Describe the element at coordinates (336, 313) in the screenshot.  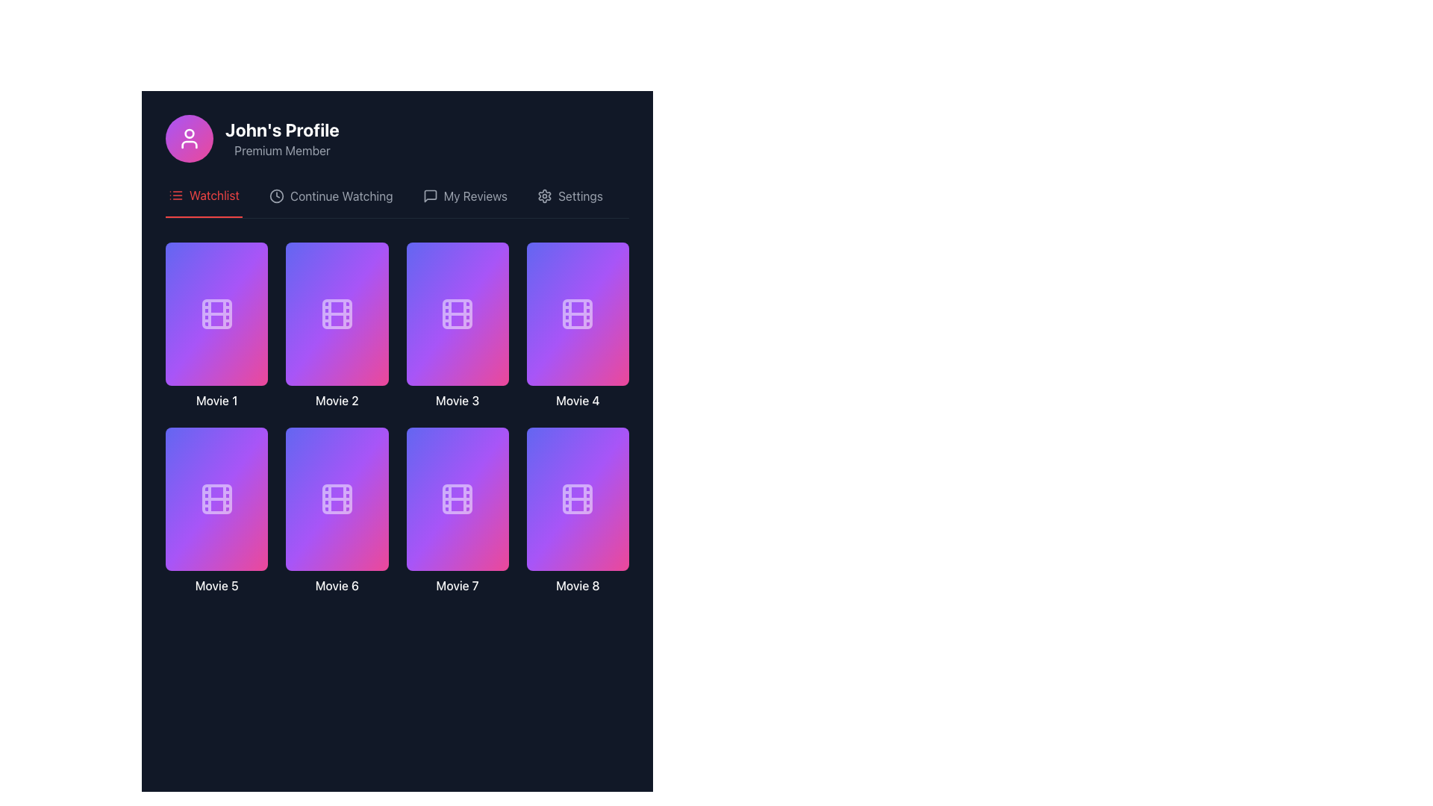
I see `the decorative graphic element, which is a semi-transparent rectangular component located at the center of the film reel icon in the second column of the top row of the grid layout for the second movie` at that location.